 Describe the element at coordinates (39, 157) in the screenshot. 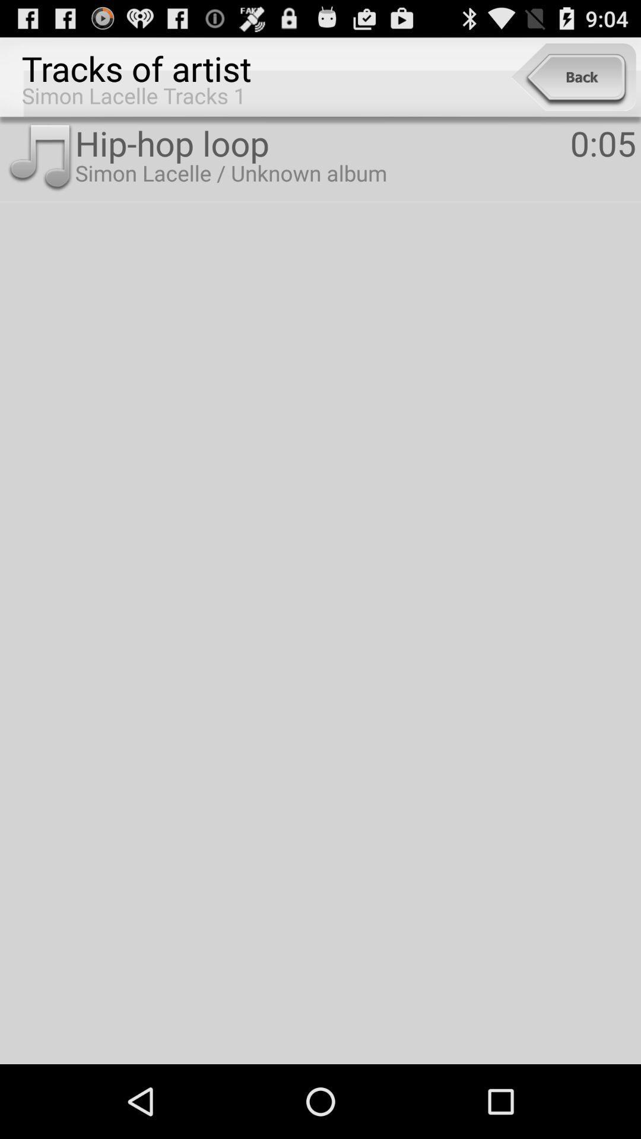

I see `the icon next to hip-hop loop` at that location.